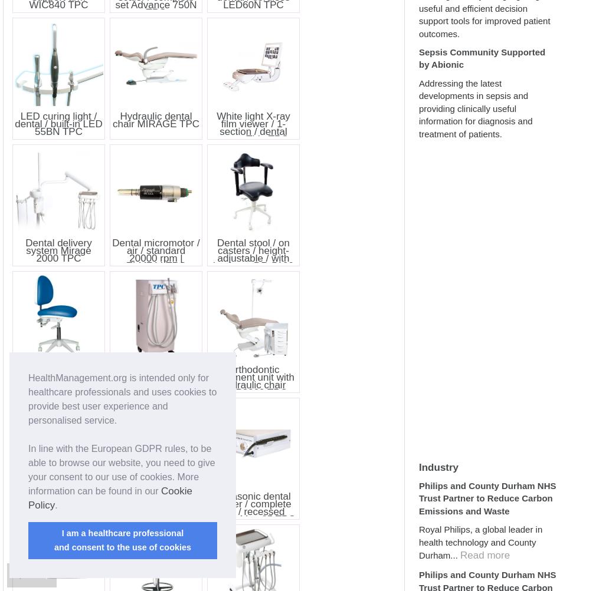 Image resolution: width=596 pixels, height=591 pixels. Describe the element at coordinates (57, 500) in the screenshot. I see `'Dental air polisher MODEL P555 TPC'` at that location.